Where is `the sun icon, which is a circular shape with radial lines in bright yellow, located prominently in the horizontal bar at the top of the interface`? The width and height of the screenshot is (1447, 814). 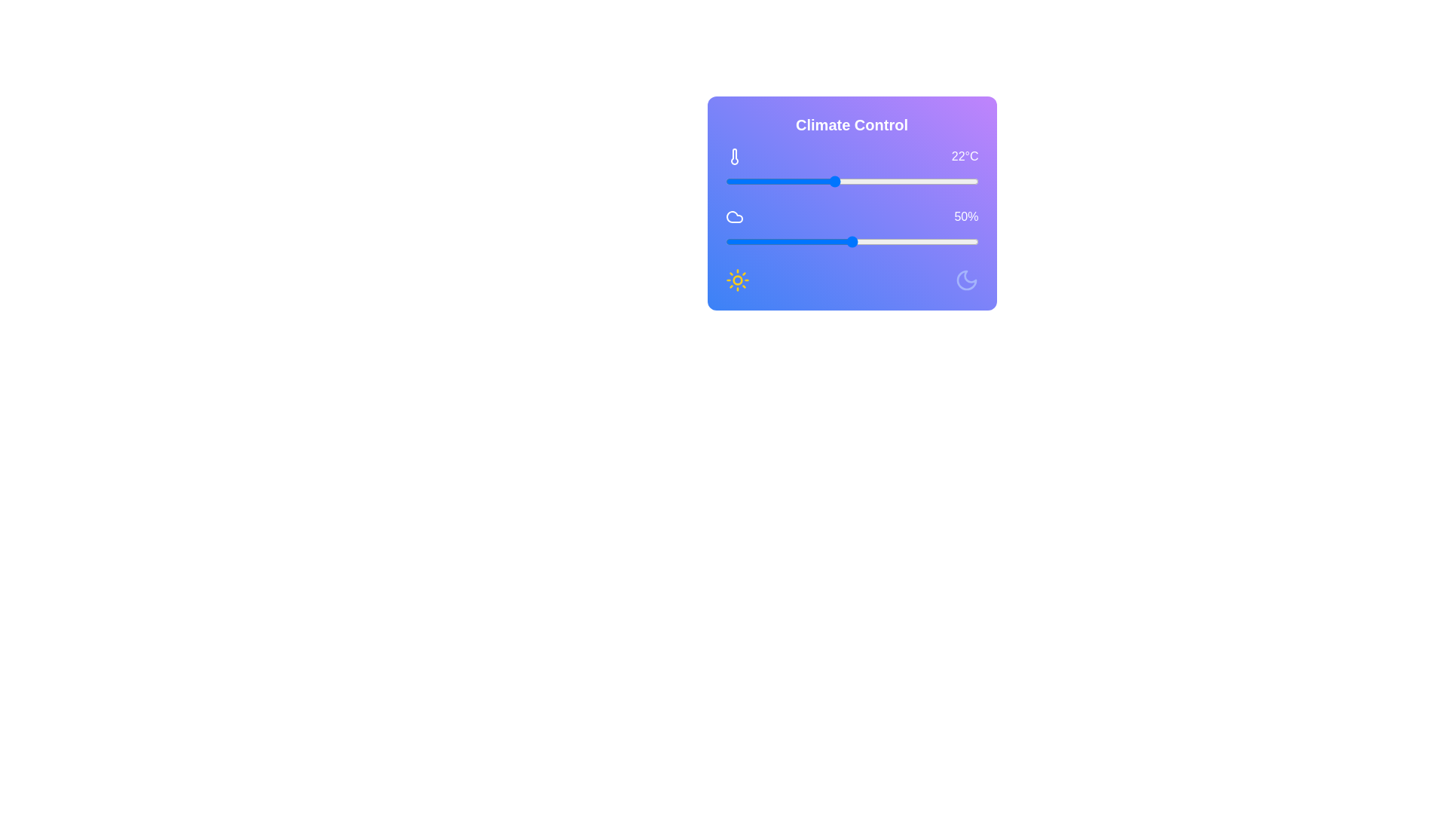 the sun icon, which is a circular shape with radial lines in bright yellow, located prominently in the horizontal bar at the top of the interface is located at coordinates (737, 280).